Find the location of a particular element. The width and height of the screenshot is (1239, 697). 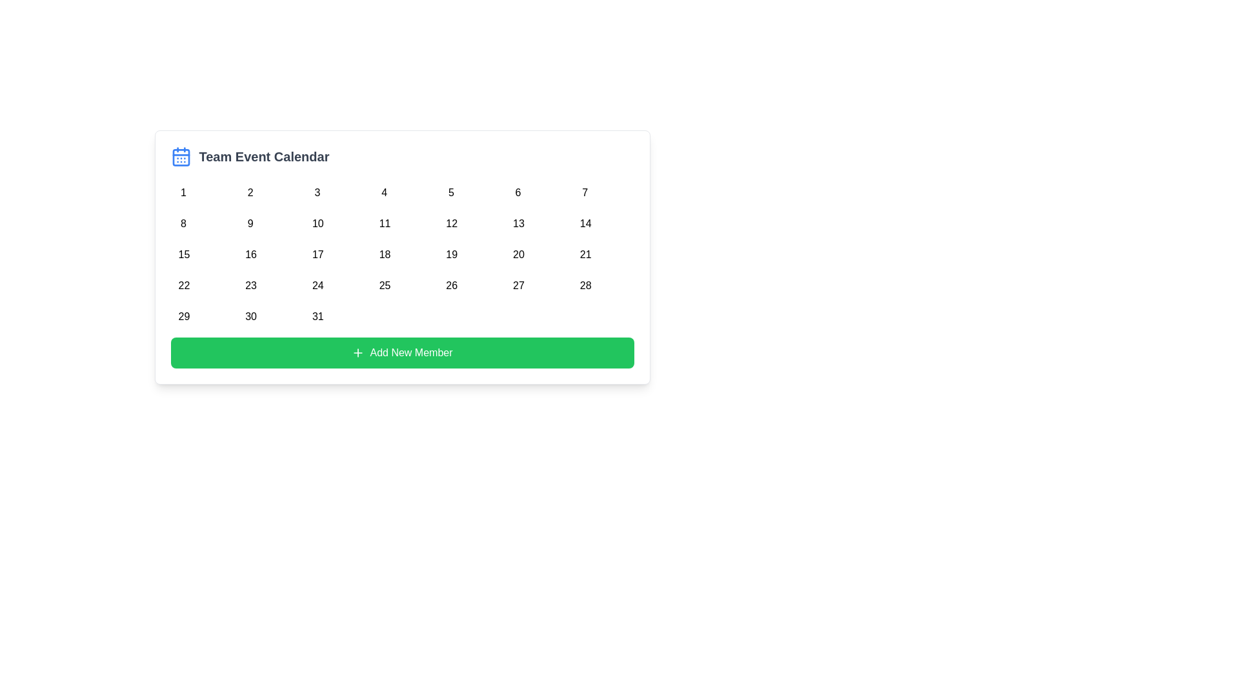

the interactive button representing the calendar date with the number '9' is located at coordinates (250, 221).